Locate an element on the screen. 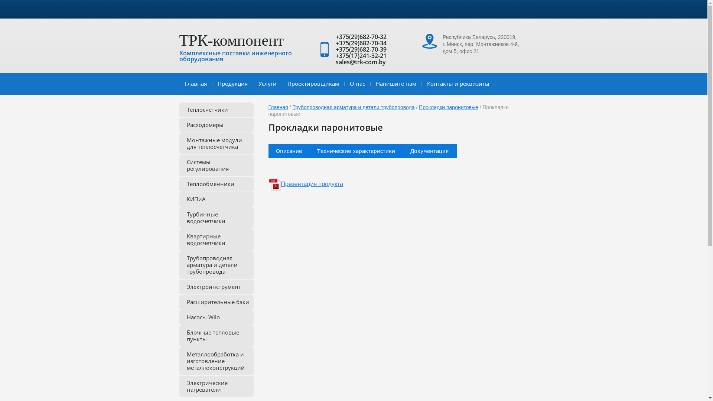 The height and width of the screenshot is (401, 713). '+375(17)241-32-21' is located at coordinates (361, 55).